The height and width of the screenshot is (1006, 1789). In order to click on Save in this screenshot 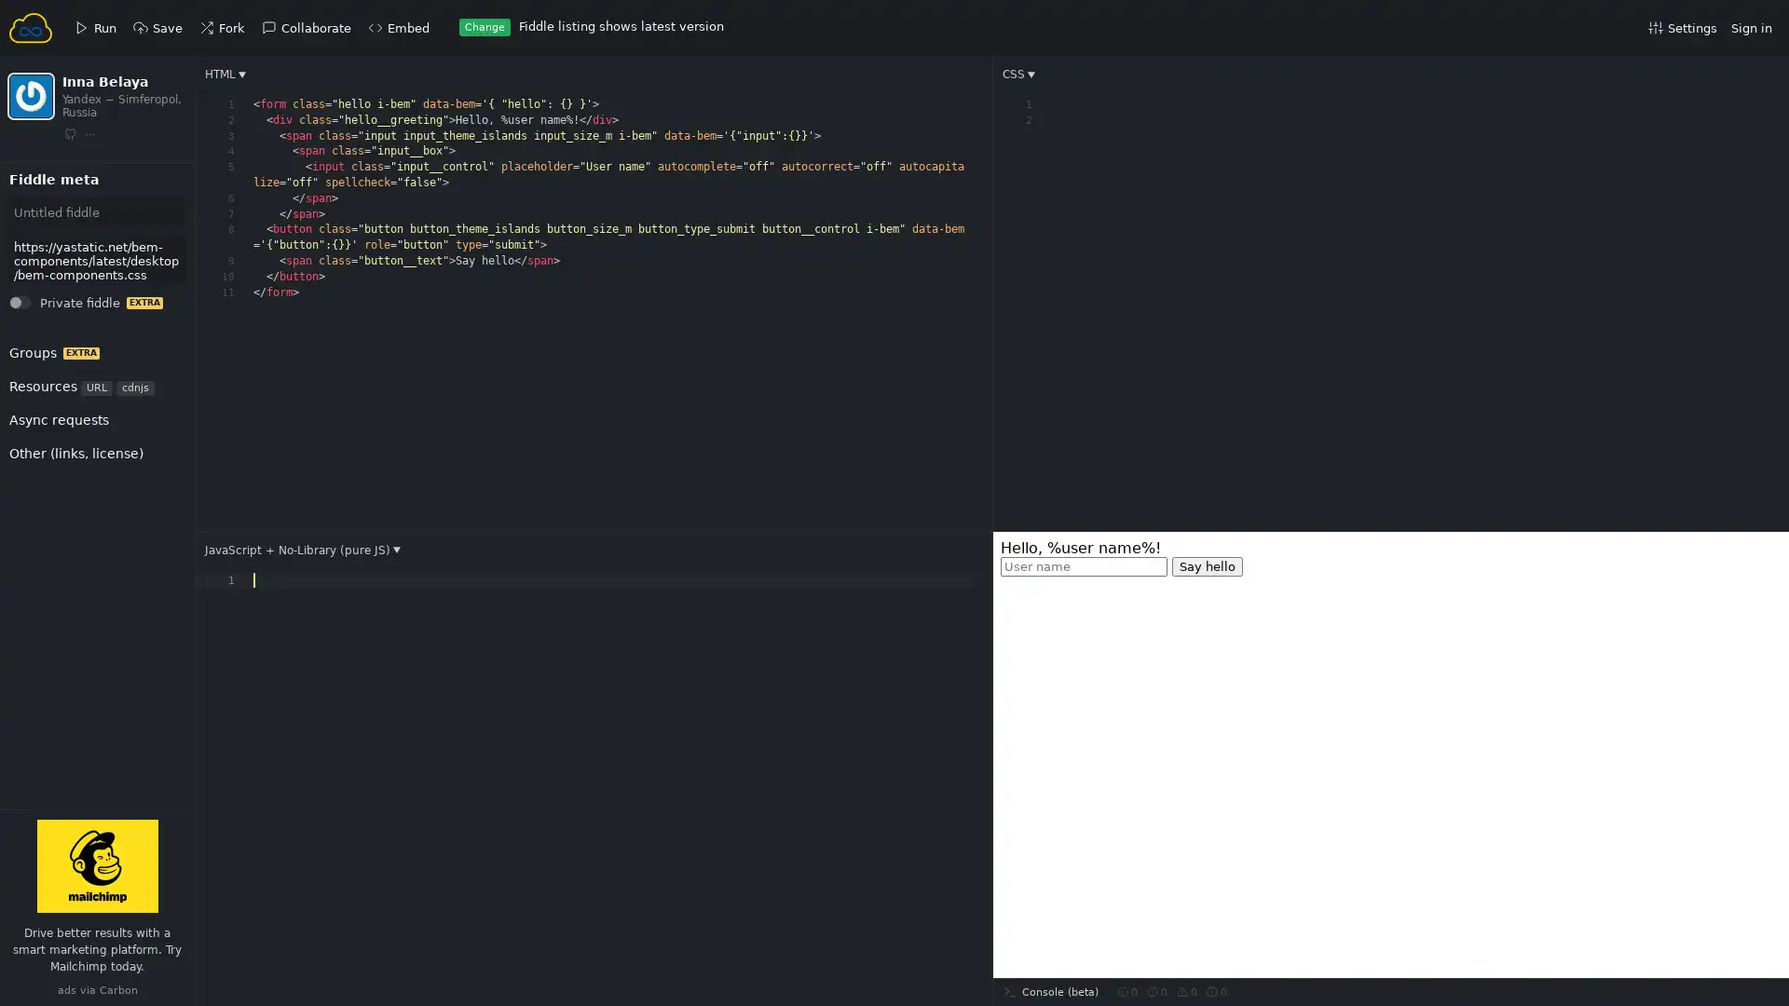, I will do `click(39, 200)`.